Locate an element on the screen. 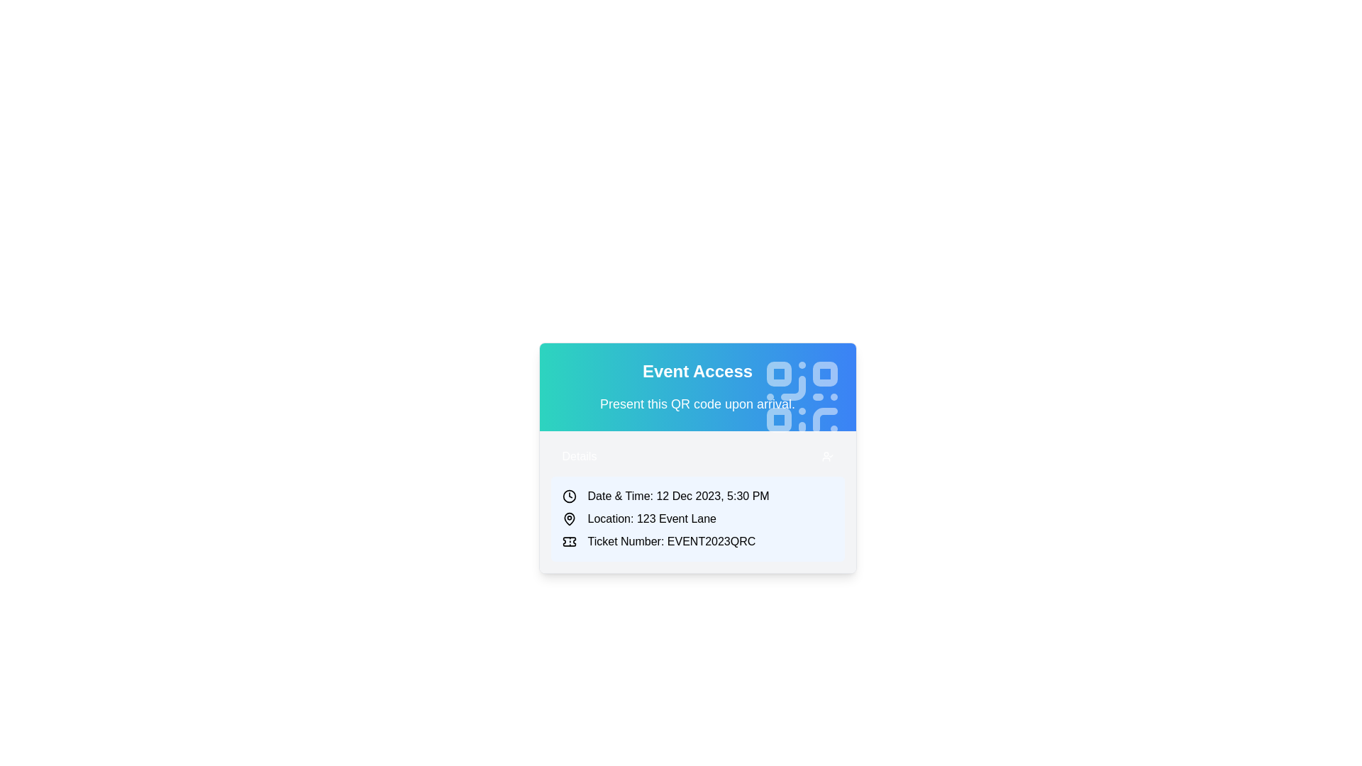  the QR code element located in the top-right corner of the informational banner that provides access to event information is located at coordinates (802, 396).